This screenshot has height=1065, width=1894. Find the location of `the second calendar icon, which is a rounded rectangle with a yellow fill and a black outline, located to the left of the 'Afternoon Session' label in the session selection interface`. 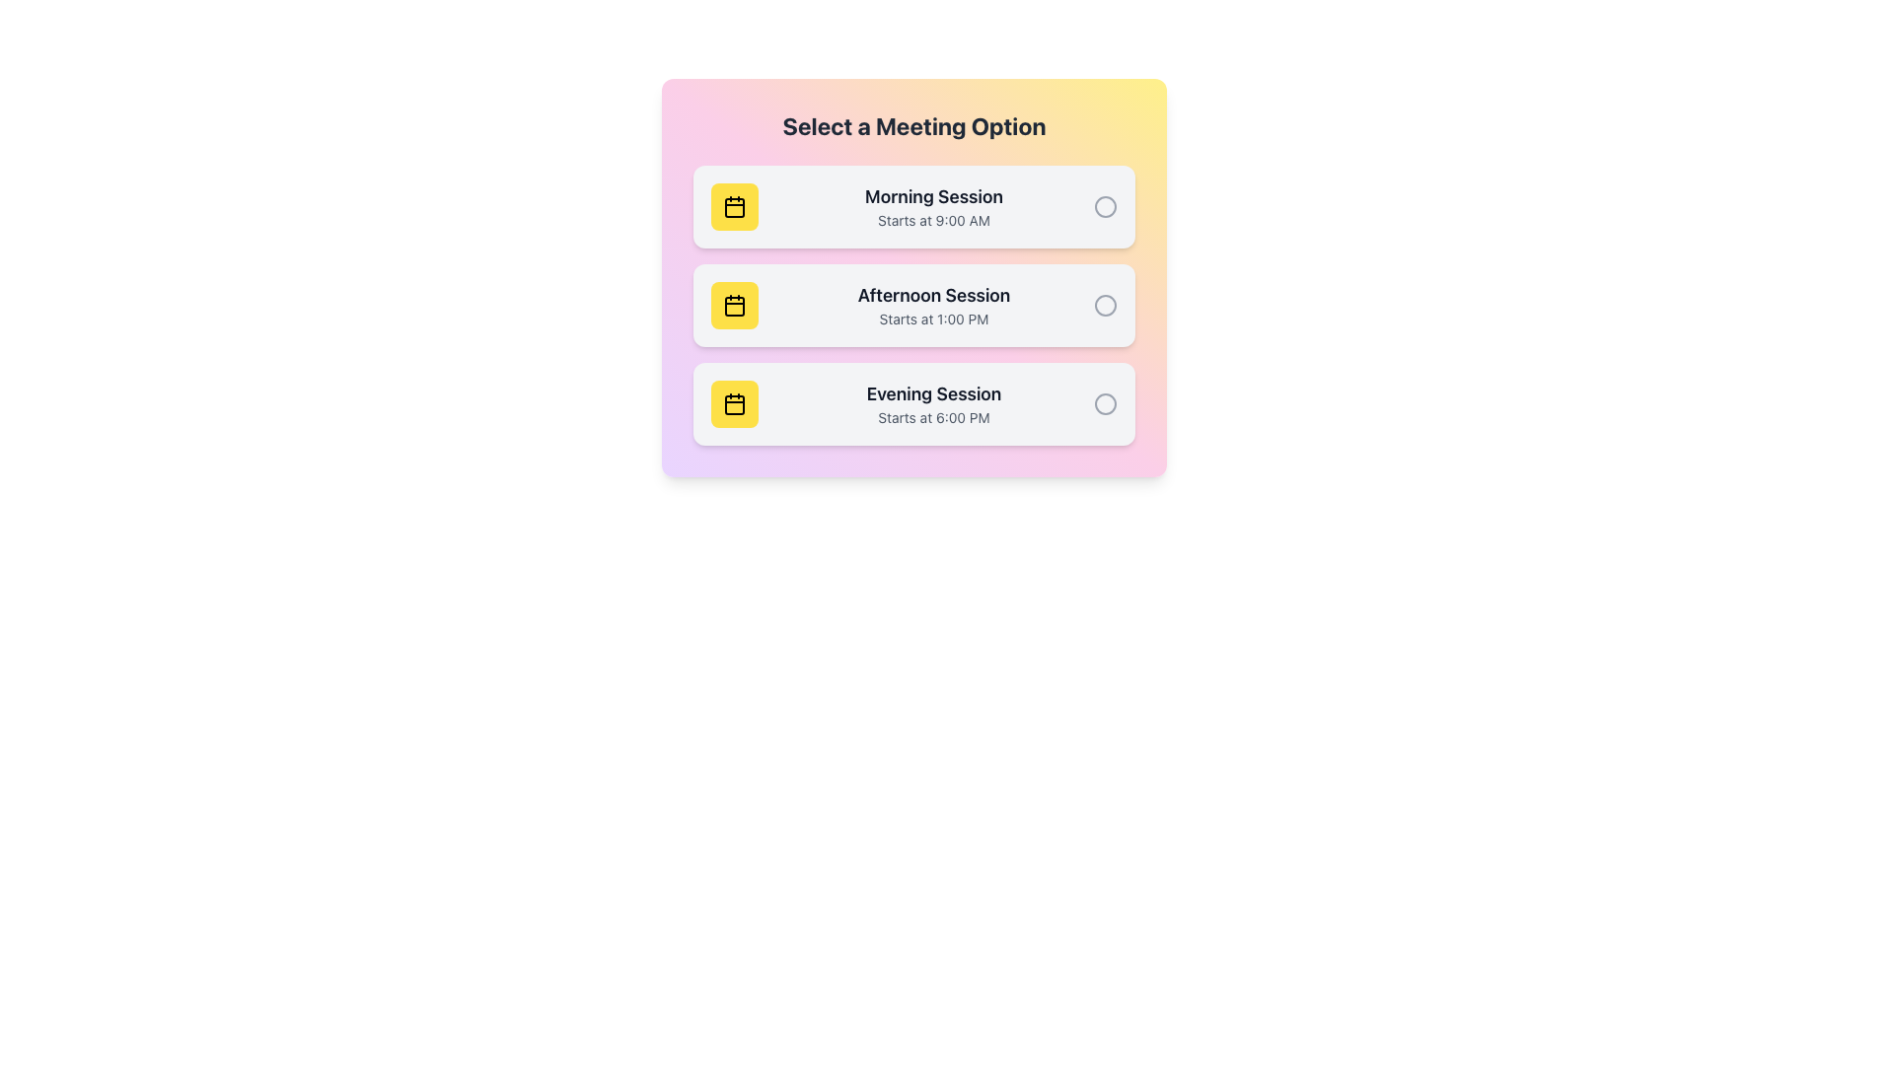

the second calendar icon, which is a rounded rectangle with a yellow fill and a black outline, located to the left of the 'Afternoon Session' label in the session selection interface is located at coordinates (733, 307).